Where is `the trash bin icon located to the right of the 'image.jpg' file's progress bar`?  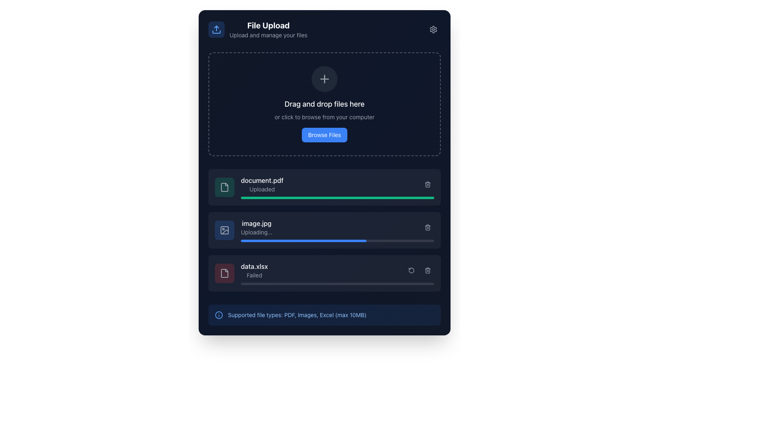 the trash bin icon located to the right of the 'image.jpg' file's progress bar is located at coordinates (427, 227).